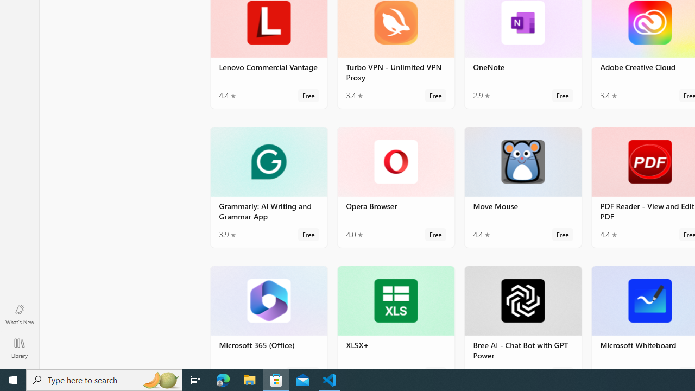  Describe the element at coordinates (395, 317) in the screenshot. I see `'XLSX+. Average rating of 4.6 out of five stars. Free  '` at that location.